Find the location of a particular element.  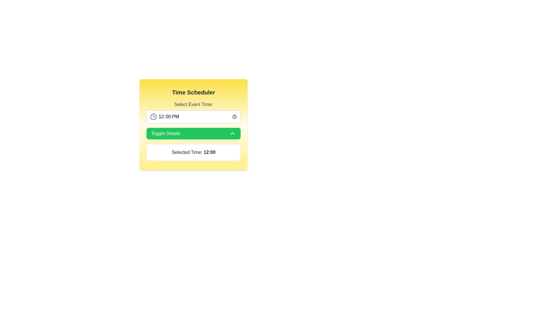

the small chevron up icon with a green background and white lines, part of the 'Toggle Details' button, located at the right end of the button is located at coordinates (232, 134).